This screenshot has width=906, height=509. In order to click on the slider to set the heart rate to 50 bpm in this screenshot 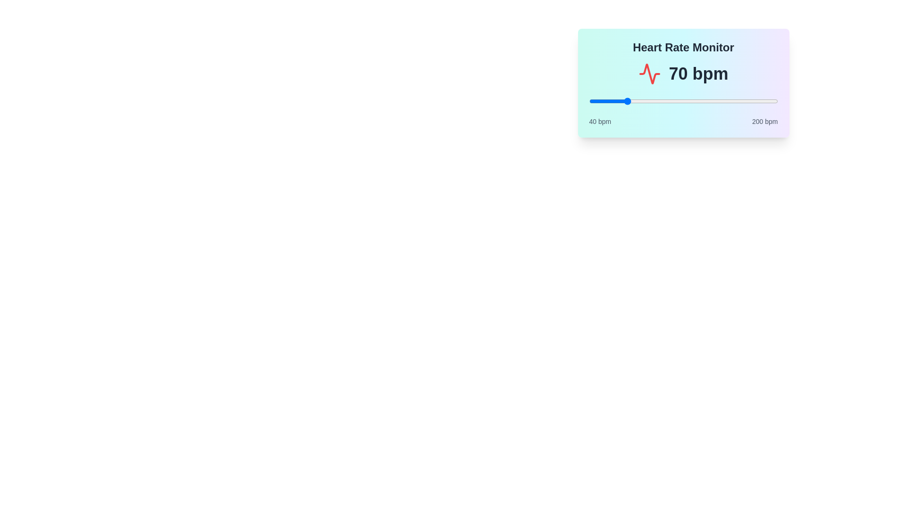, I will do `click(600, 101)`.